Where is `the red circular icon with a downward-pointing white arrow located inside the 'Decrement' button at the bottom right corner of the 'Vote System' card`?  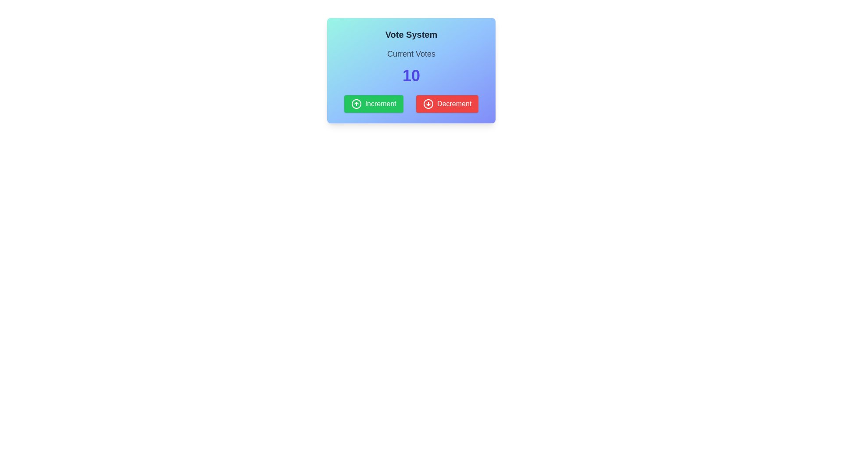
the red circular icon with a downward-pointing white arrow located inside the 'Decrement' button at the bottom right corner of the 'Vote System' card is located at coordinates (428, 103).